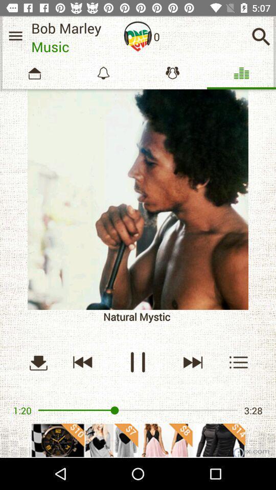 The height and width of the screenshot is (490, 276). What do you see at coordinates (38, 362) in the screenshot?
I see `downloads song` at bounding box center [38, 362].